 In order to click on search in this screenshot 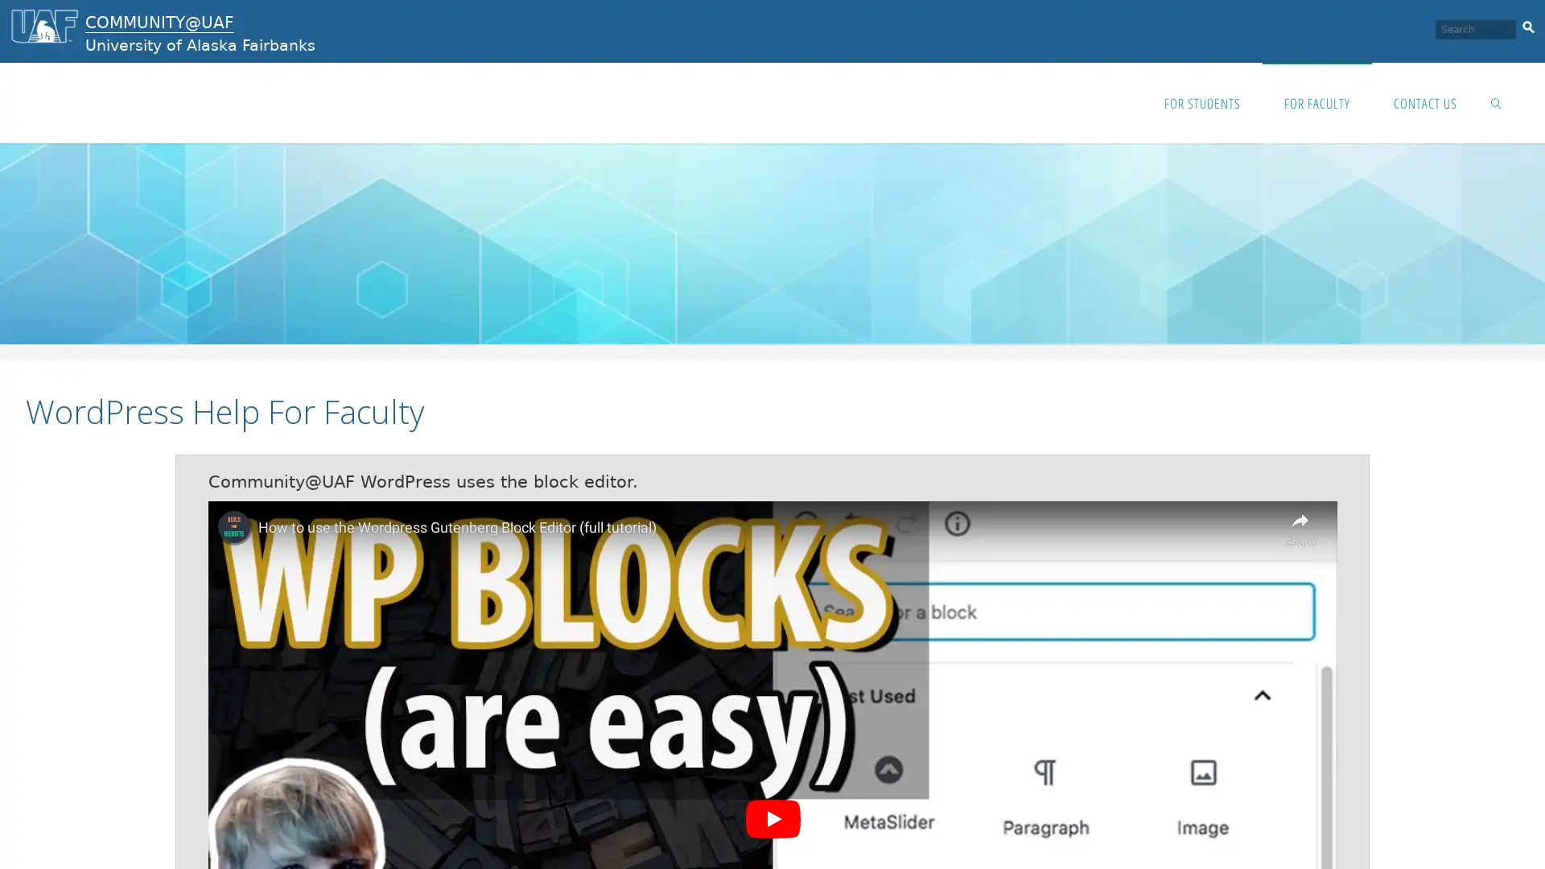, I will do `click(1527, 24)`.